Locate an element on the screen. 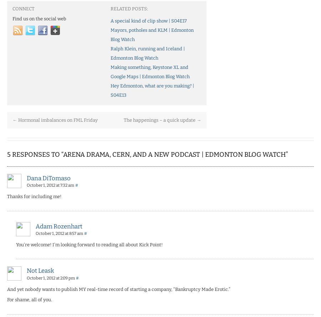 The width and height of the screenshot is (321, 317). 'Making something, Keystone XL and Google Maps | Edmonton Blog Watch' is located at coordinates (150, 71).